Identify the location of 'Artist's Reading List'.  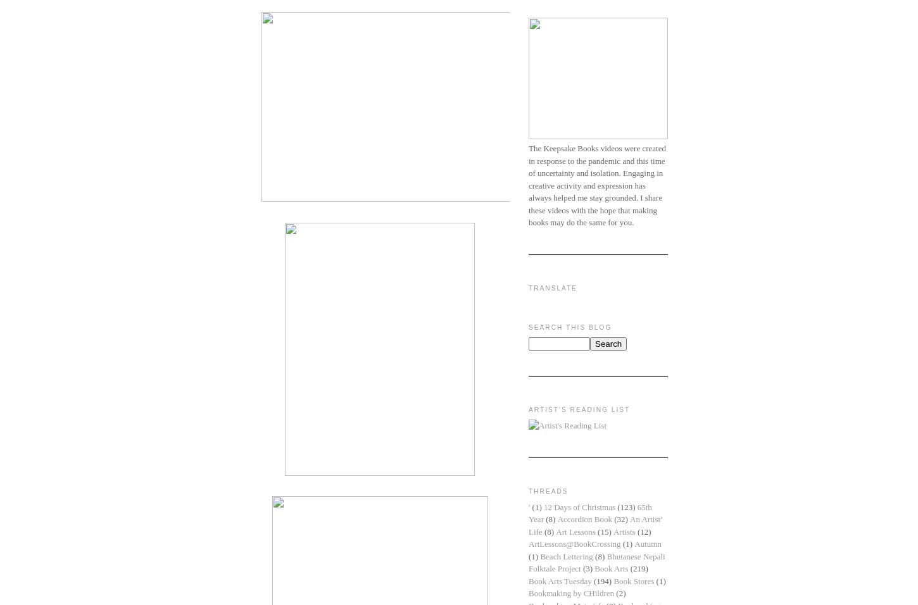
(578, 409).